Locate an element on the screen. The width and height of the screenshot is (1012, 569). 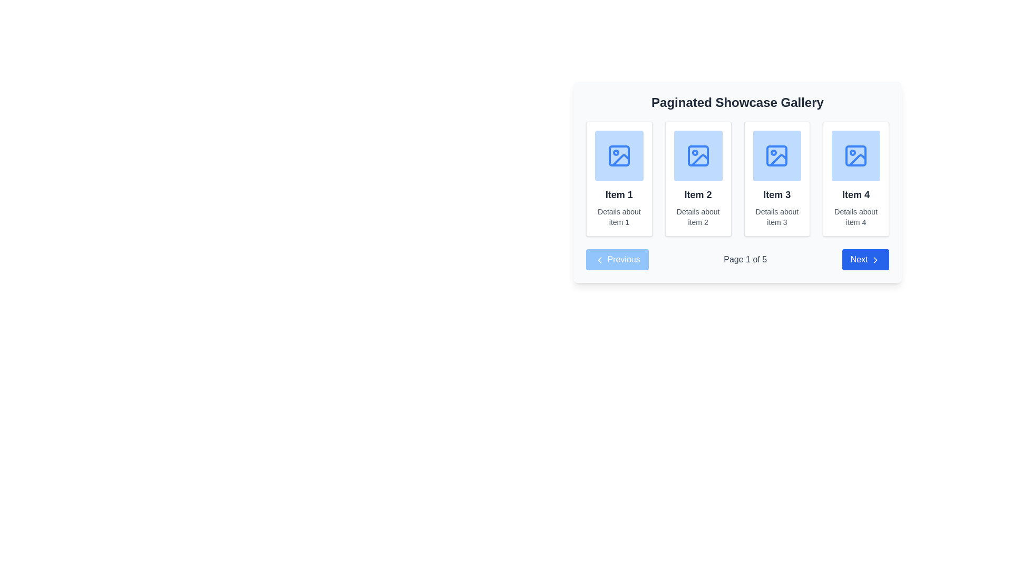
the 'Next' button located on the right side of the navigation bar, which facilitates navigation to the subsequent page of the paginated gallery is located at coordinates (865, 260).